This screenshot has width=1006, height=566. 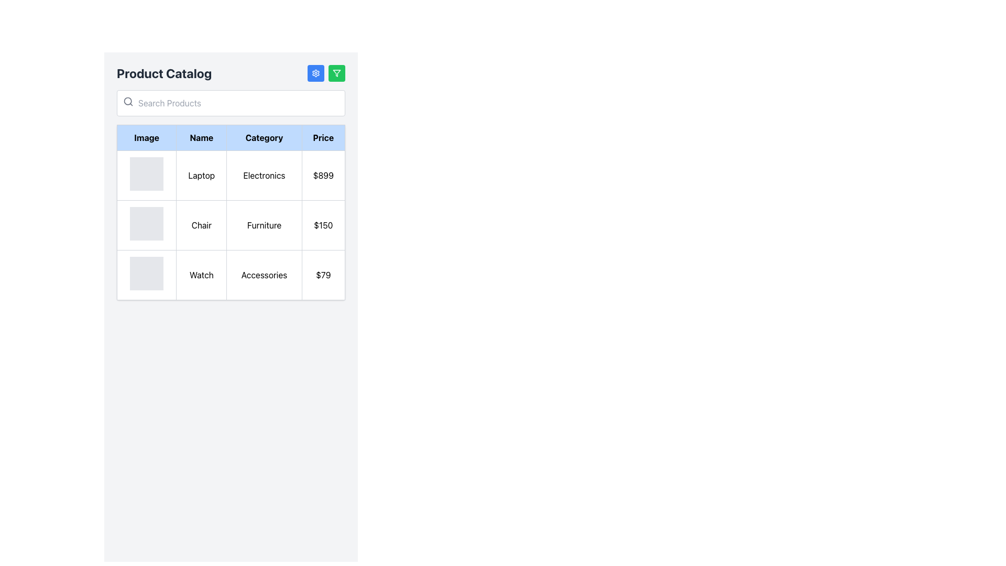 I want to click on the non-interactive Label/Text block displaying the category for the item in the second row of the 'Category' column, located between 'Chair' and '$150', so click(x=264, y=224).